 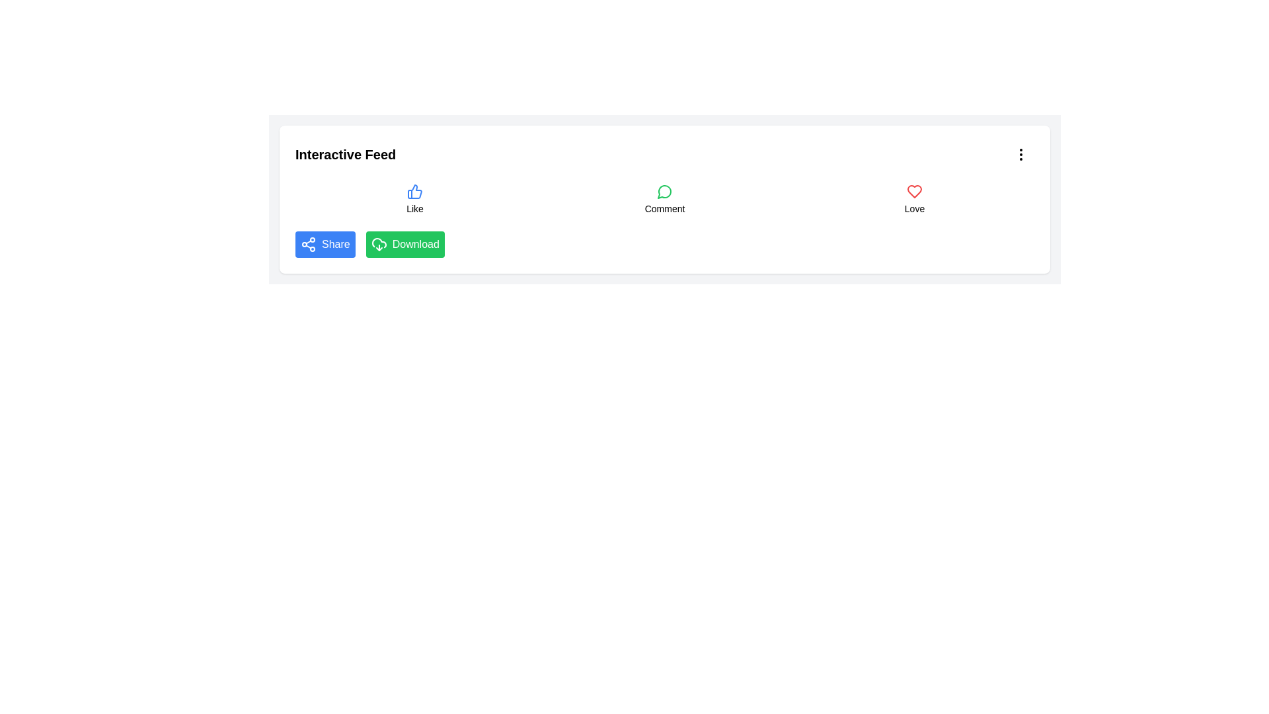 What do you see at coordinates (414, 199) in the screenshot?
I see `the 'Like' button element which features a blue thumbs-up icon above the text label 'Like' for keyboard navigation` at bounding box center [414, 199].